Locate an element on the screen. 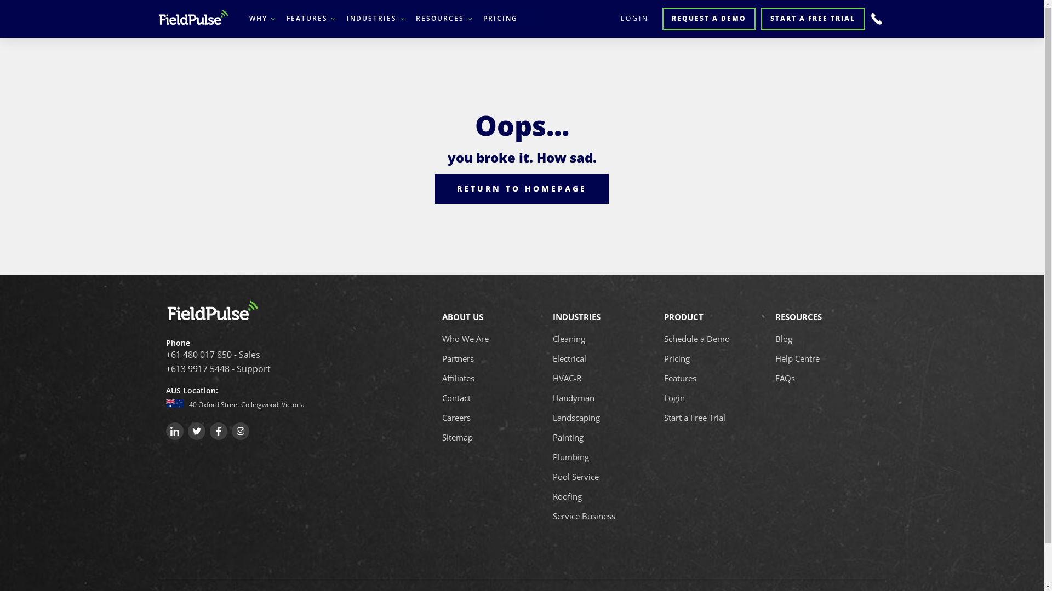  'Electrical' is located at coordinates (569, 358).